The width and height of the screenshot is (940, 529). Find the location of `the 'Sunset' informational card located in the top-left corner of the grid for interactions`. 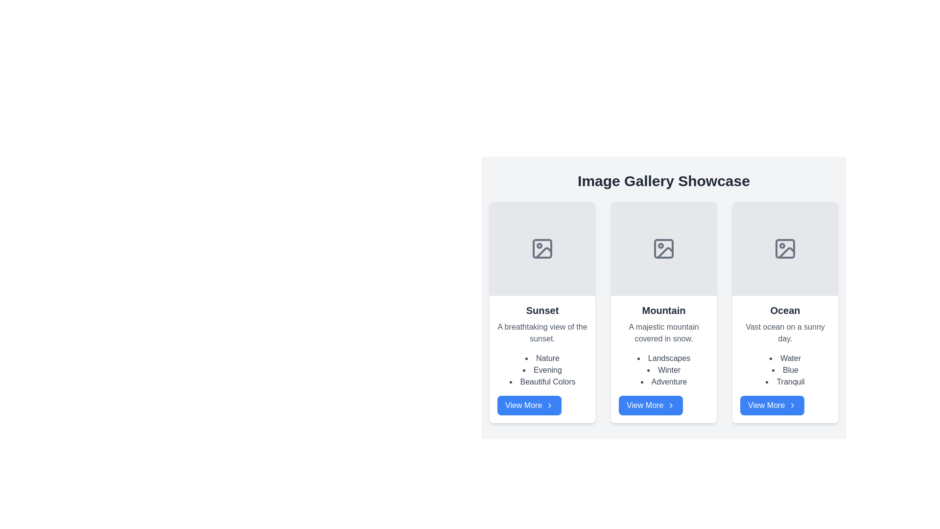

the 'Sunset' informational card located in the top-left corner of the grid for interactions is located at coordinates (542, 312).